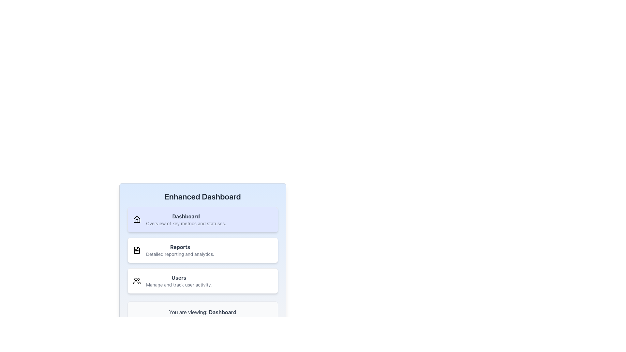 The height and width of the screenshot is (352, 626). What do you see at coordinates (178, 280) in the screenshot?
I see `the 'Users' functionality card, which is a descriptive section for user-related management located in a vertical list layout between the 'Reports' card and the footer text` at bounding box center [178, 280].